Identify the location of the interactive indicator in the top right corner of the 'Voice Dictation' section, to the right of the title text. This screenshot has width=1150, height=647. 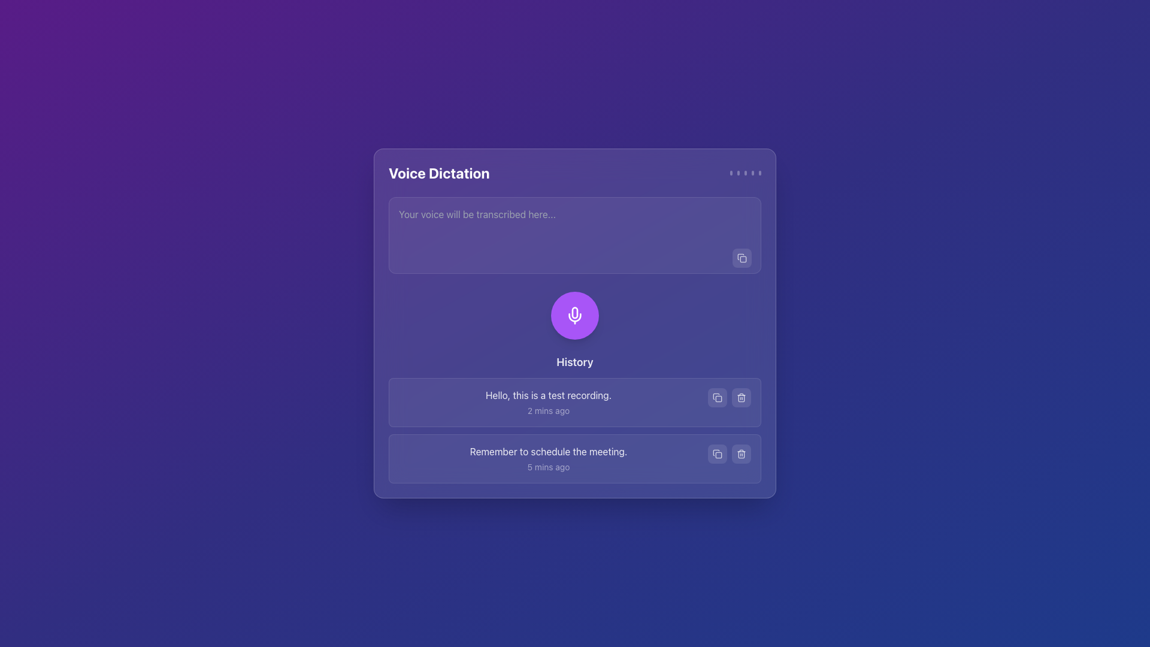
(745, 173).